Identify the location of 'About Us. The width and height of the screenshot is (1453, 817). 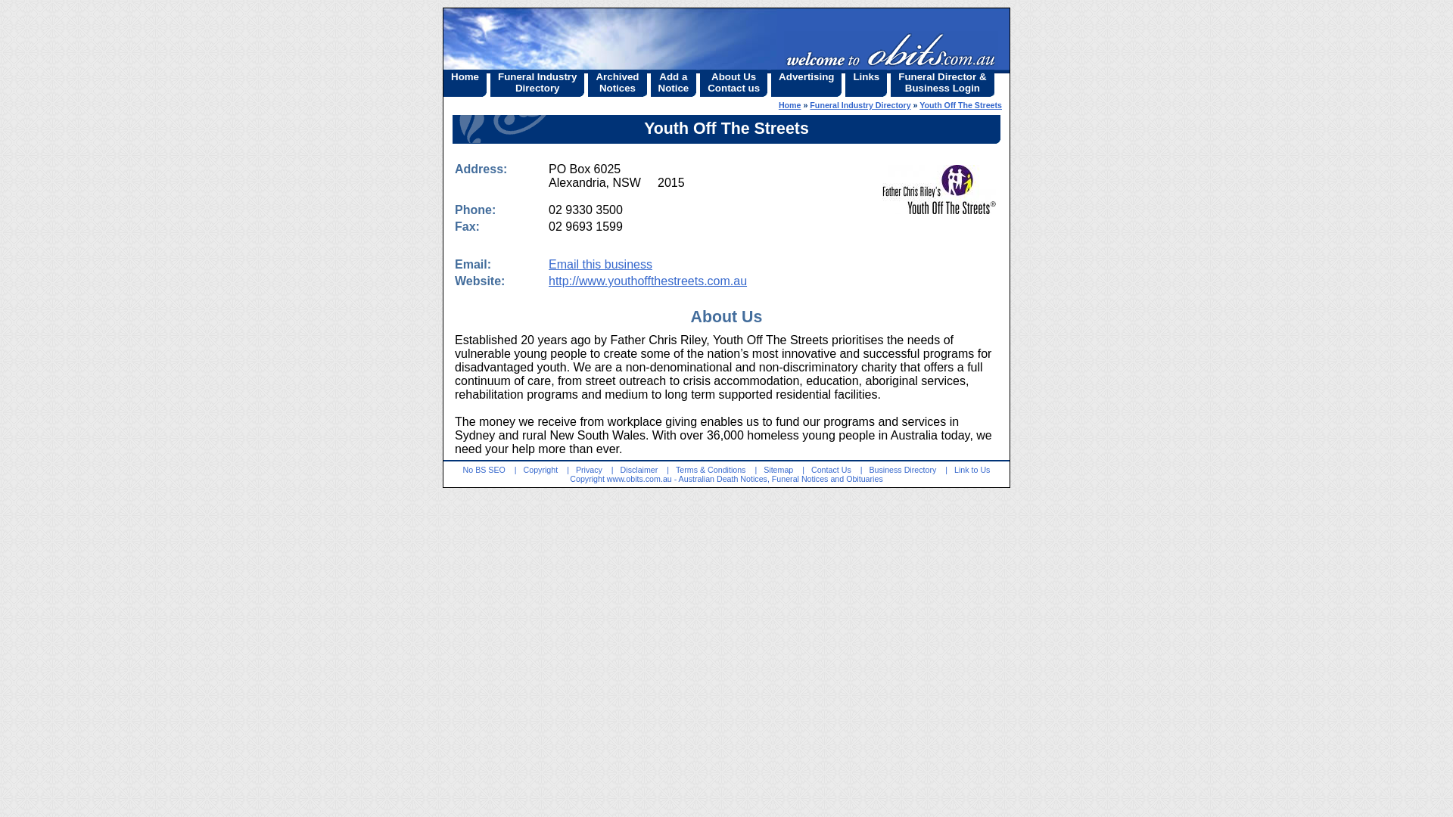
(733, 83).